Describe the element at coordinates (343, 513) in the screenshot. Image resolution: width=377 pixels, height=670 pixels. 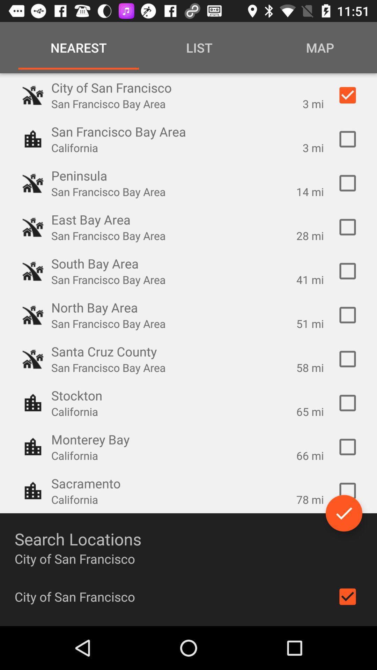
I see `the item above city of san` at that location.